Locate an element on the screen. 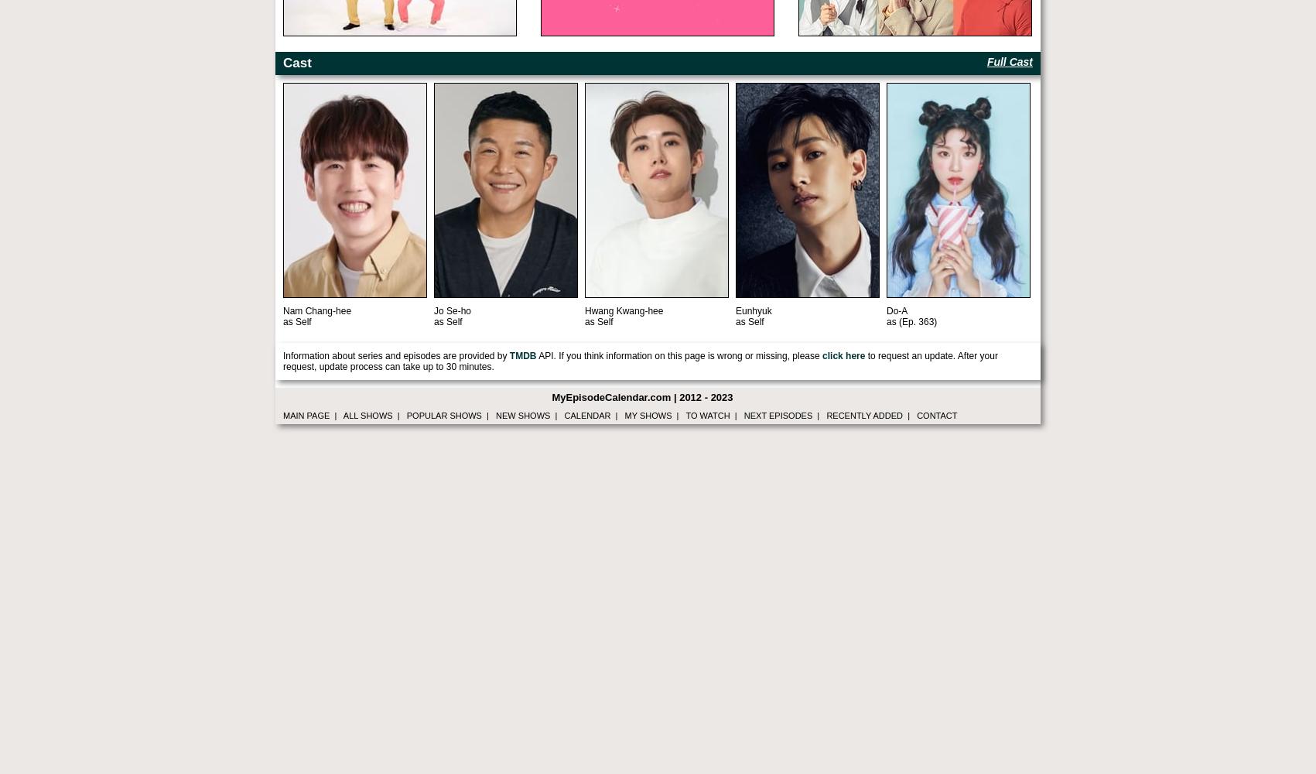 The width and height of the screenshot is (1316, 774). 'Hwang Kwang-hee' is located at coordinates (624, 311).